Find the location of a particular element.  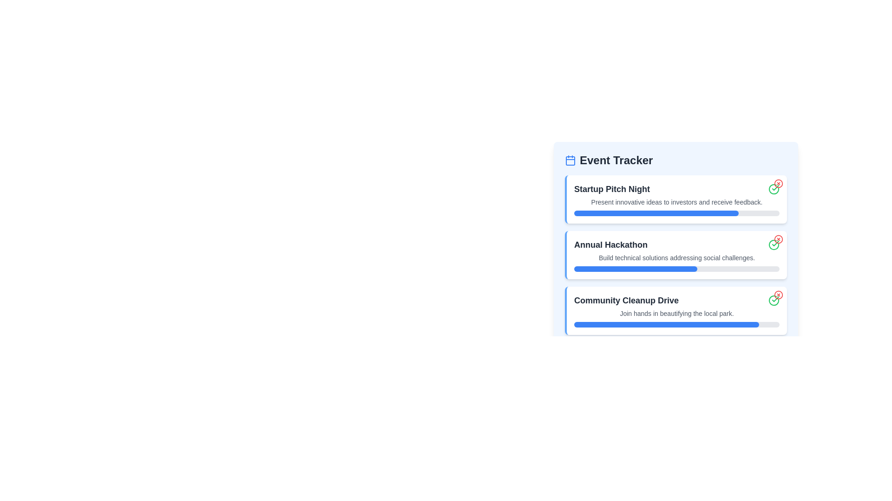

the dismiss button located in the top-right corner of the 'Community Cleanup Drive' card is located at coordinates (778, 295).